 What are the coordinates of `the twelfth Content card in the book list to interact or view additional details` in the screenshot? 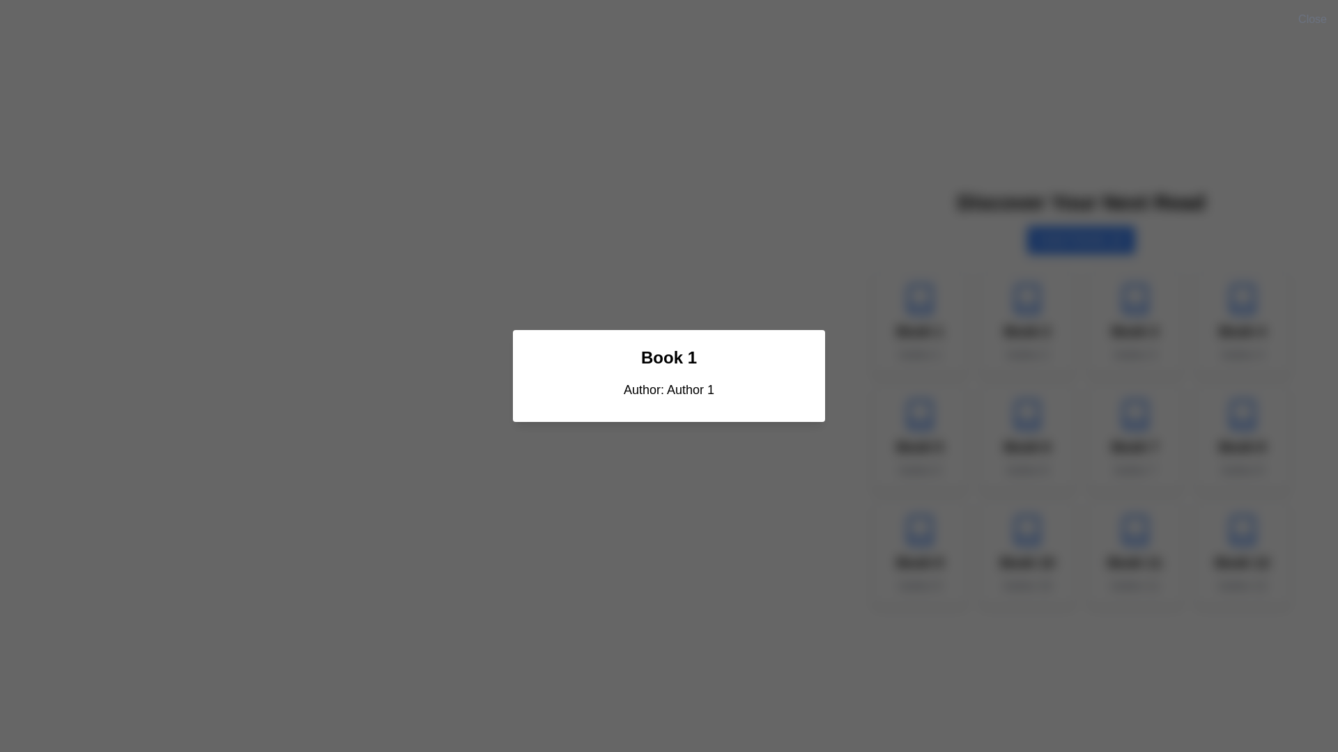 It's located at (1242, 553).